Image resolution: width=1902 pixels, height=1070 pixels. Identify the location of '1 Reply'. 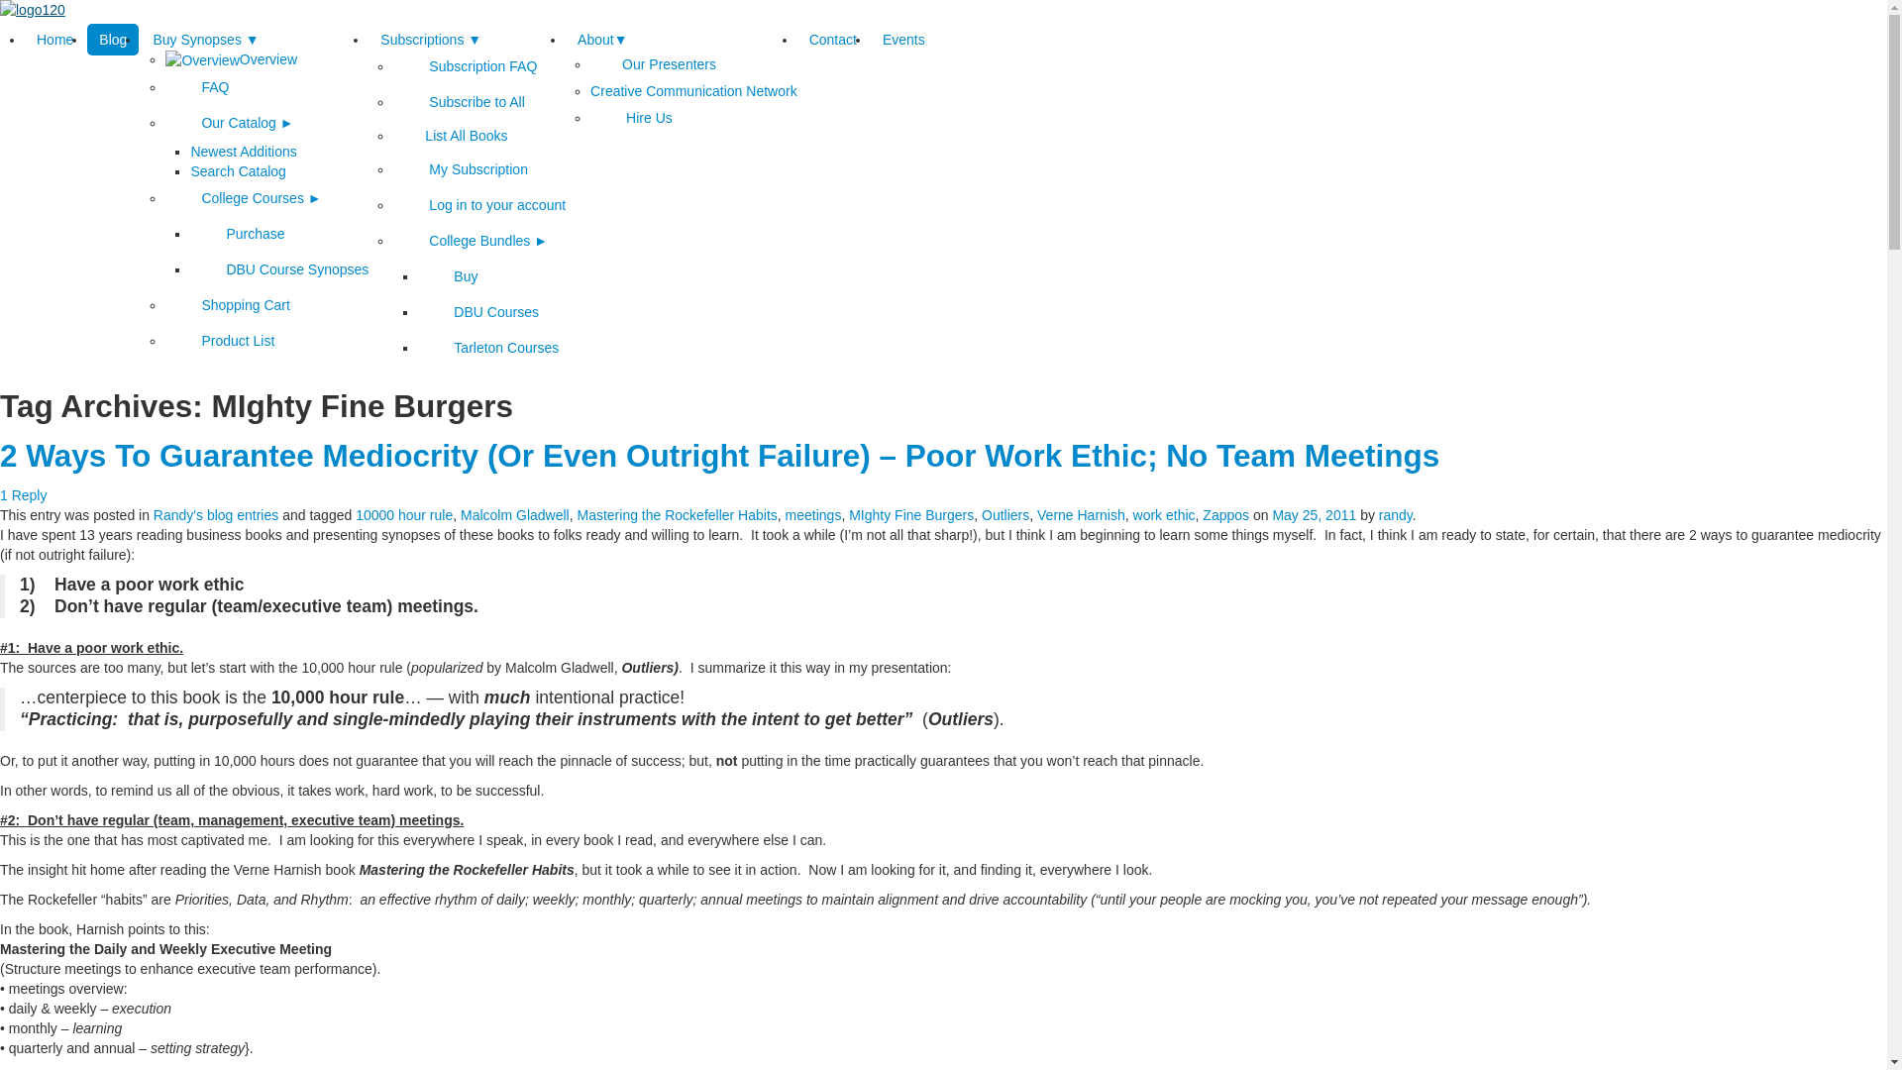
(0, 494).